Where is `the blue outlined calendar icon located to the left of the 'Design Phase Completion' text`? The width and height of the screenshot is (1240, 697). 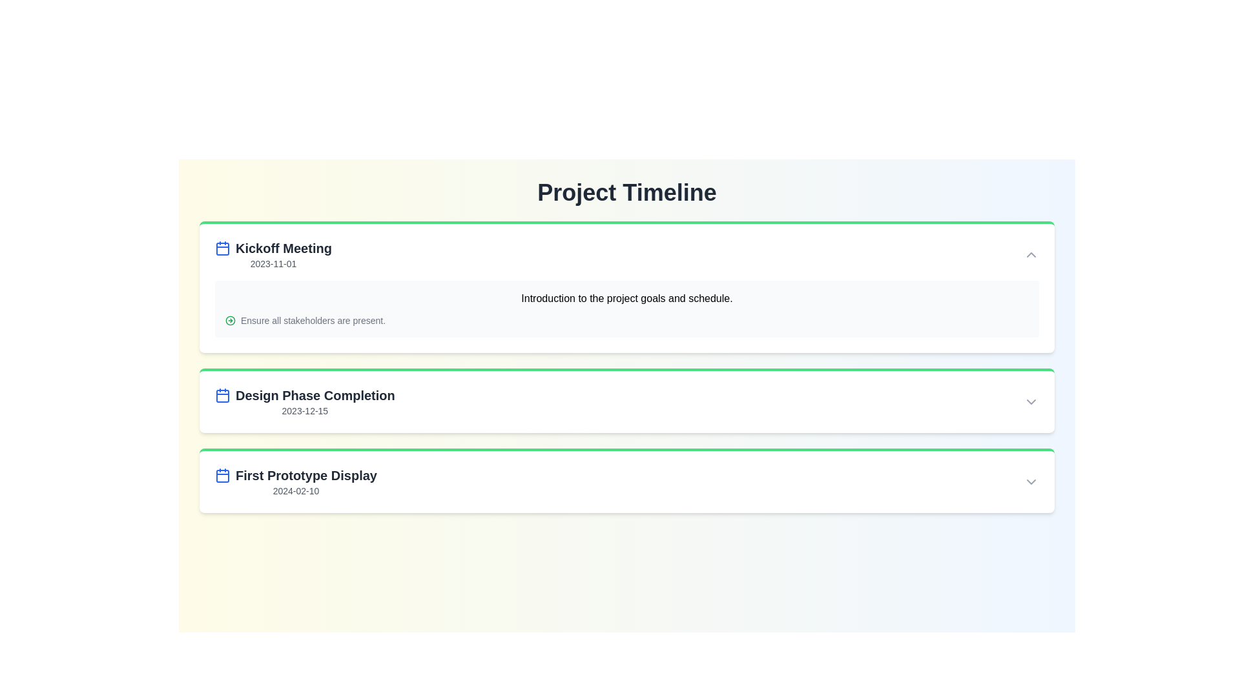 the blue outlined calendar icon located to the left of the 'Design Phase Completion' text is located at coordinates (223, 395).